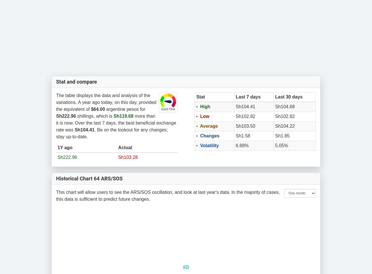 The width and height of the screenshot is (372, 274). What do you see at coordinates (94, 115) in the screenshot?
I see `'shillings, which is'` at bounding box center [94, 115].